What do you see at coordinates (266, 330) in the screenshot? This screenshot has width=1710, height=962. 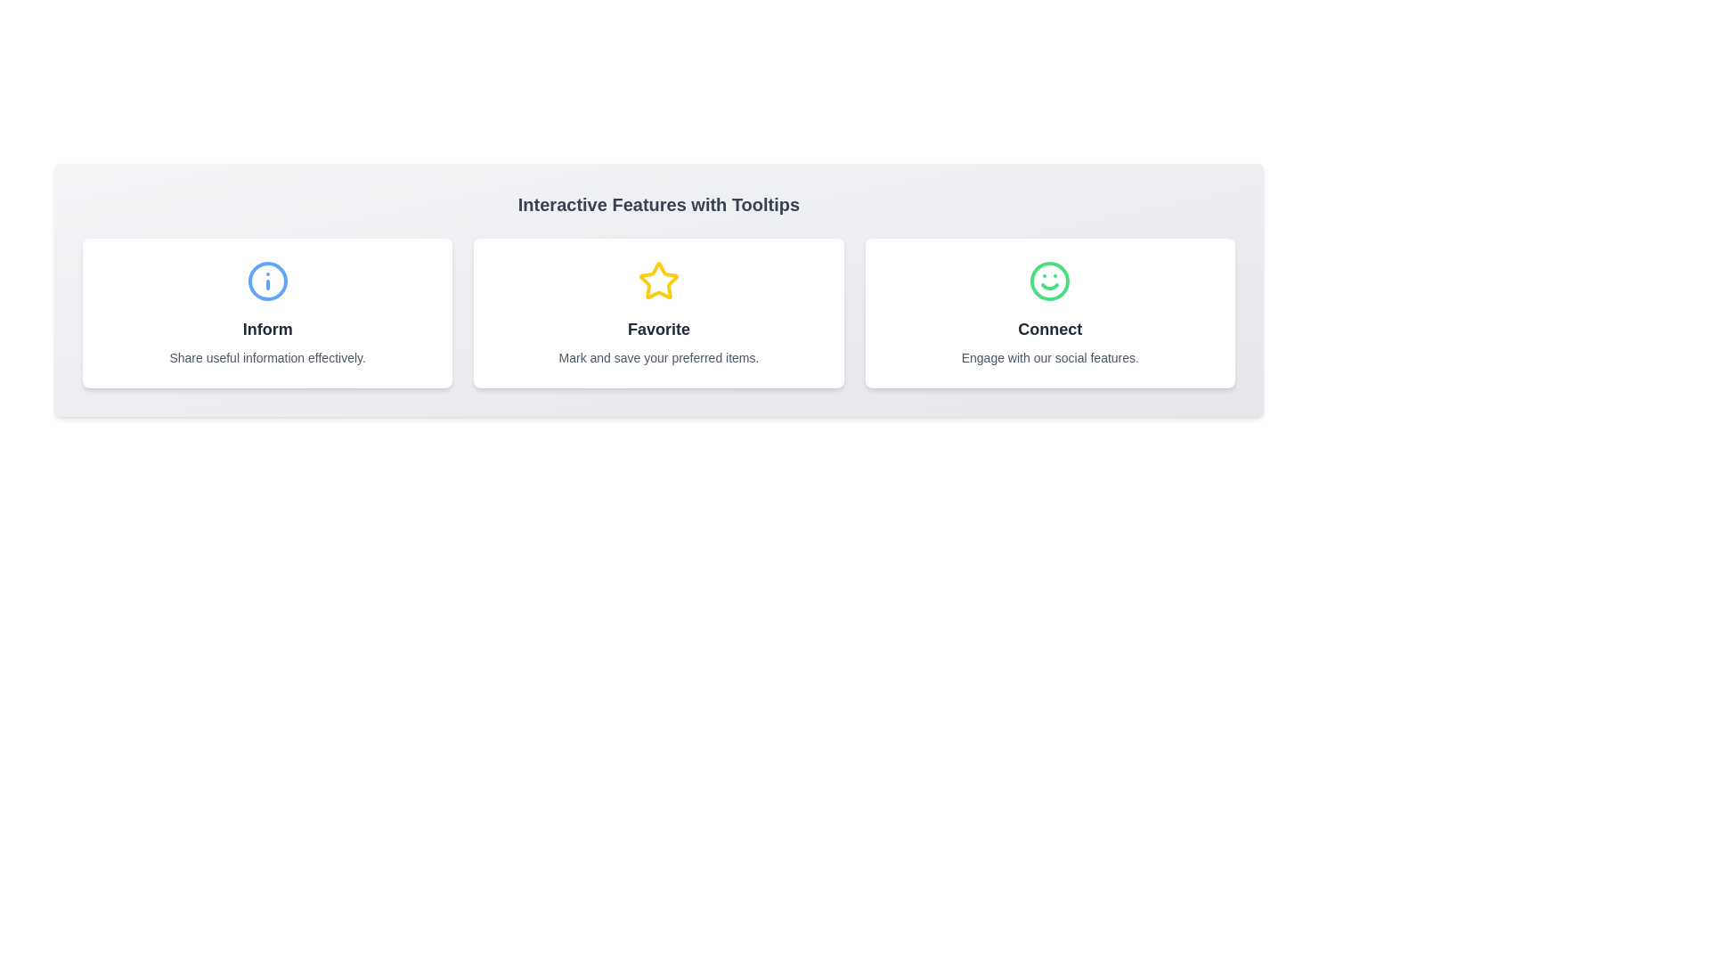 I see `the title label located in the first card, positioned just below the blue circular information icon` at bounding box center [266, 330].